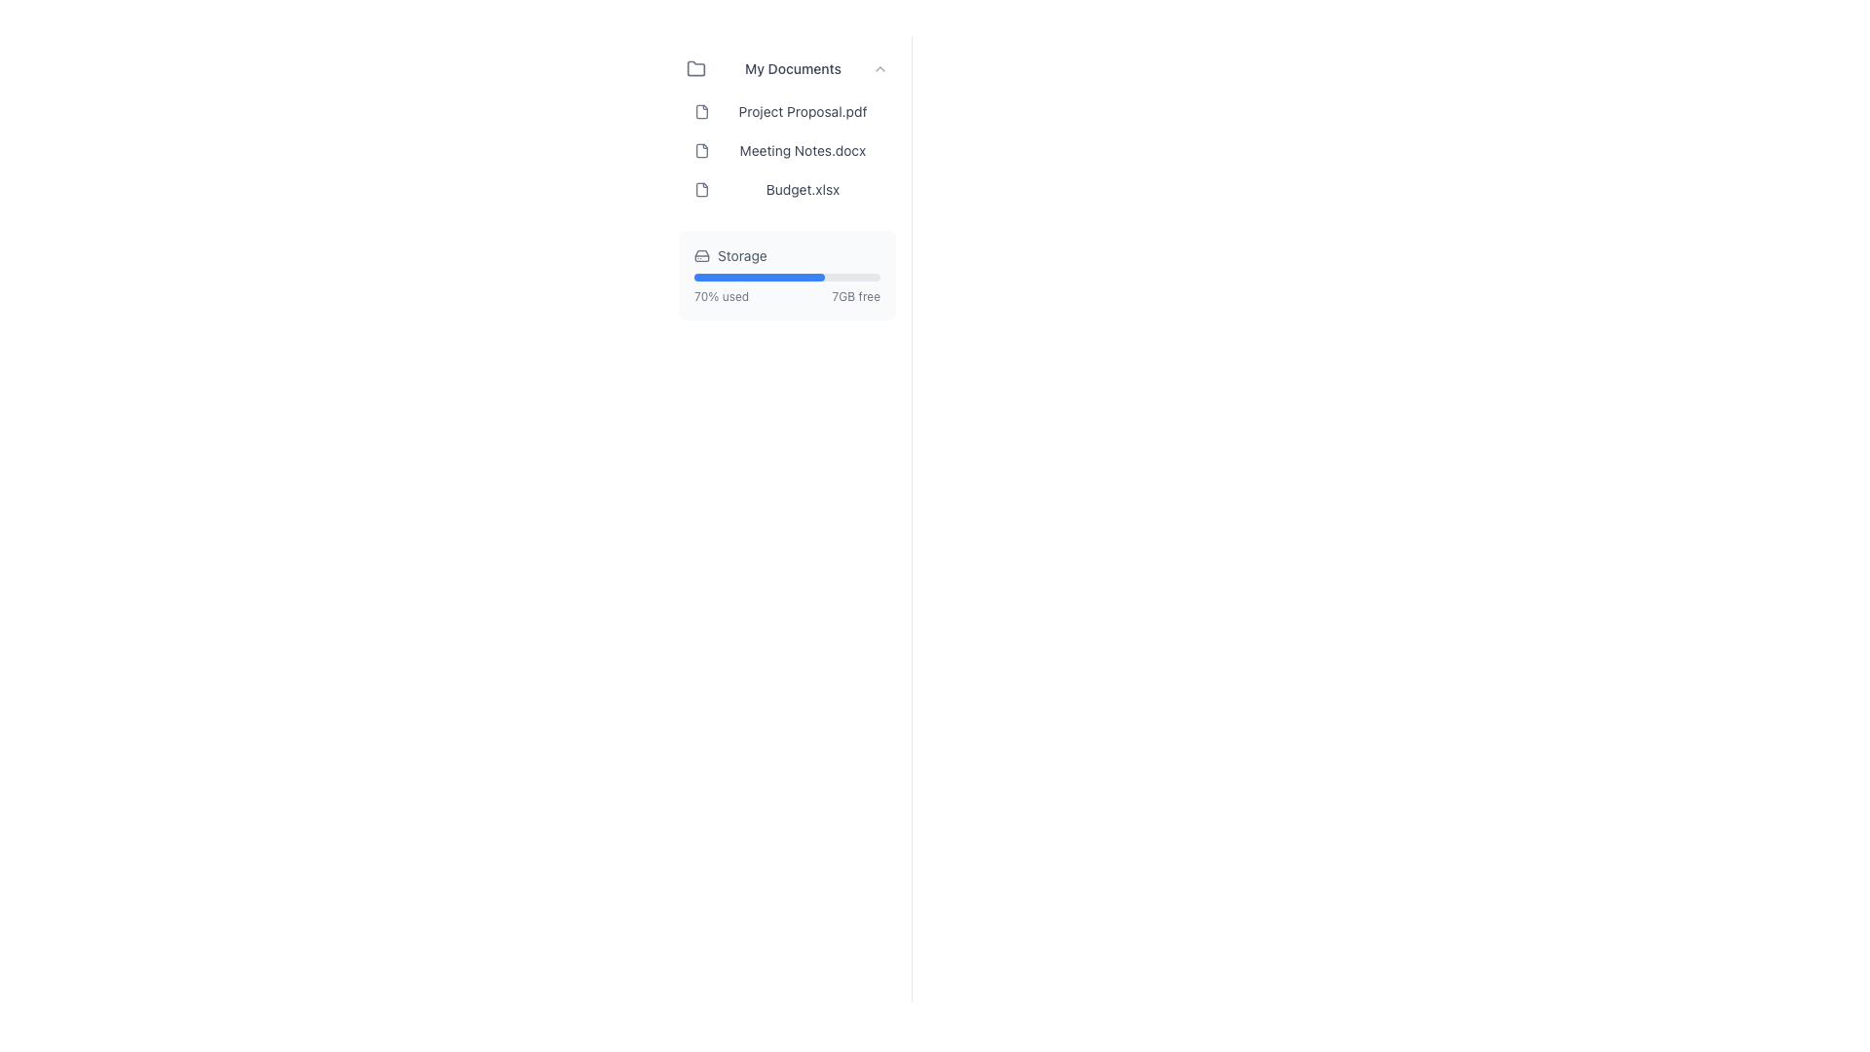 This screenshot has width=1870, height=1052. Describe the element at coordinates (791, 149) in the screenshot. I see `on the second list item in the 'My Documents' section, which displays 'Meeting Notes.docx' with a document icon on the left` at that location.